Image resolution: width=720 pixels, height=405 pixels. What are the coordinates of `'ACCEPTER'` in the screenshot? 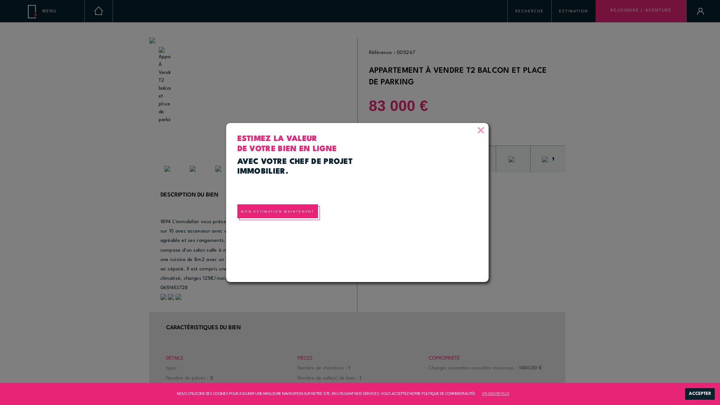 It's located at (699, 393).